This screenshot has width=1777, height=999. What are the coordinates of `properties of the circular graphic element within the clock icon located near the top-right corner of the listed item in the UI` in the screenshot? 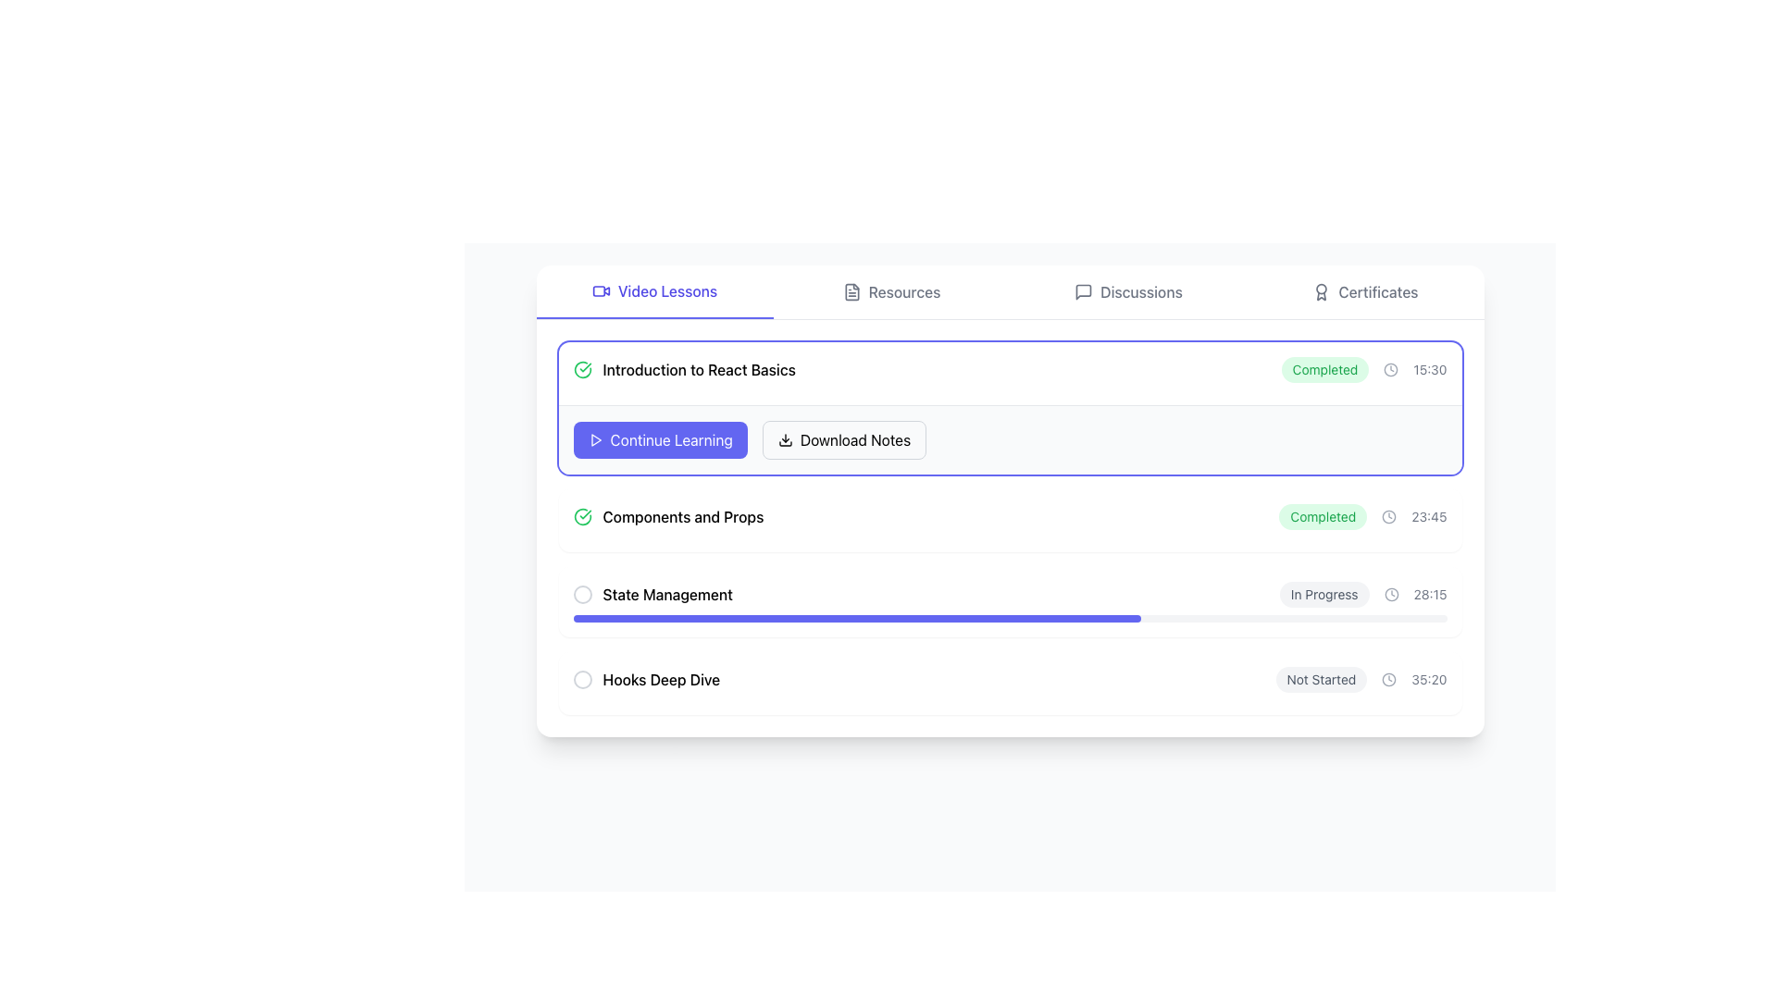 It's located at (1391, 595).